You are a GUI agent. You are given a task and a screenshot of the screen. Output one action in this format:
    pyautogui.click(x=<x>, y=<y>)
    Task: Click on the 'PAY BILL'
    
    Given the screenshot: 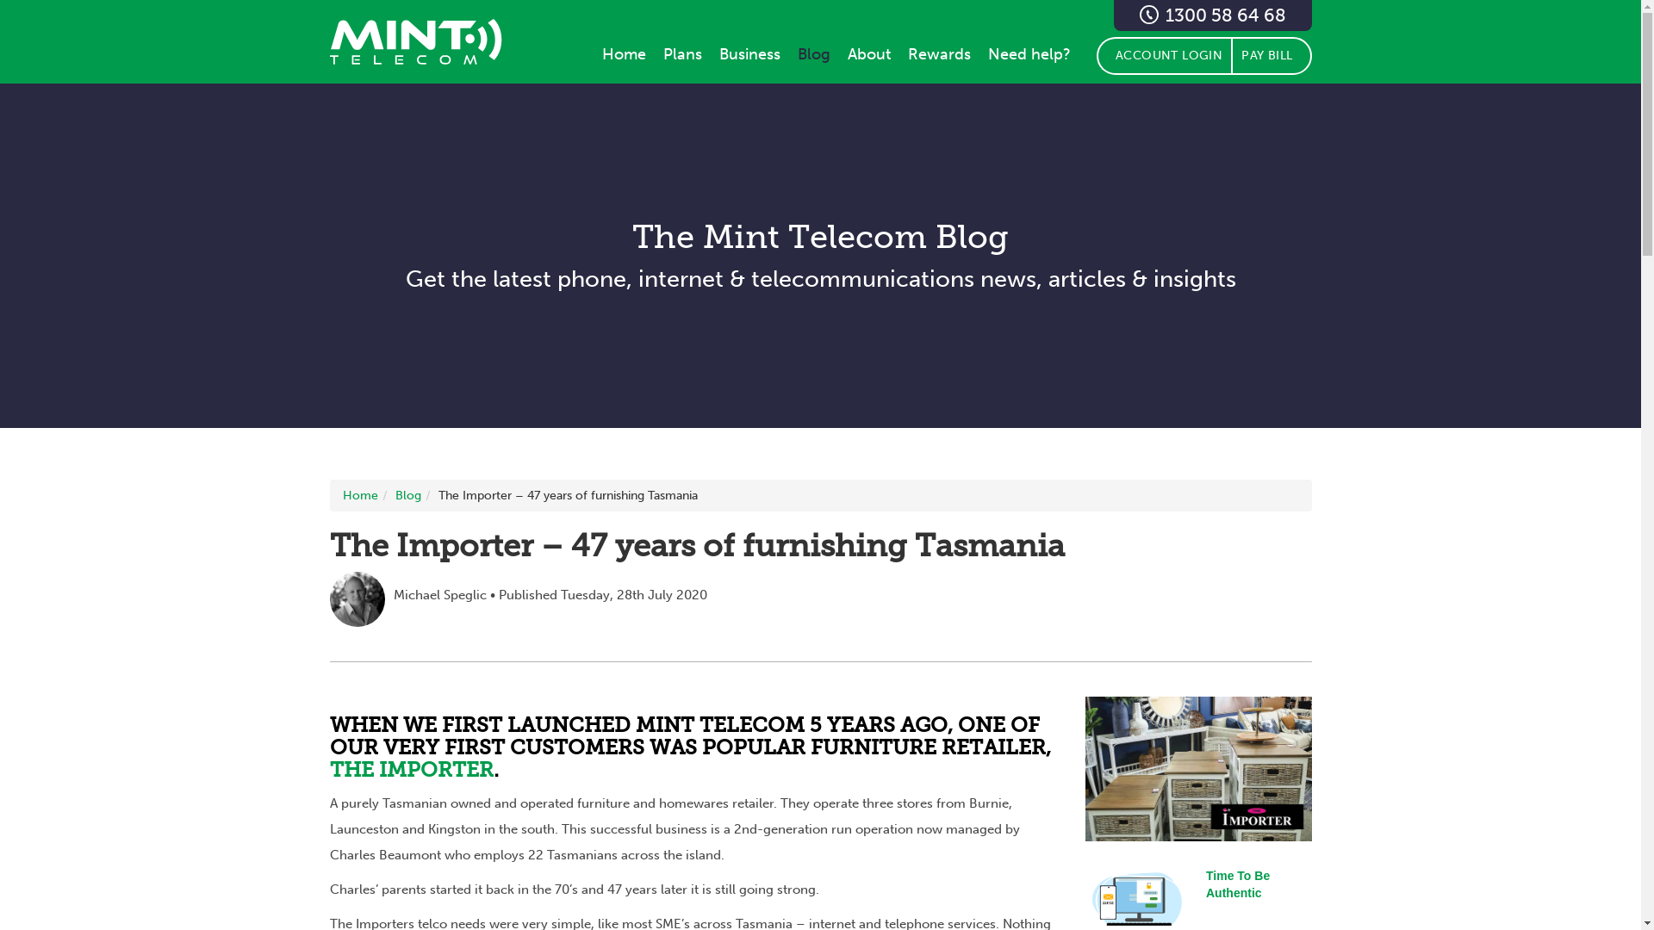 What is the action you would take?
    pyautogui.click(x=1271, y=55)
    